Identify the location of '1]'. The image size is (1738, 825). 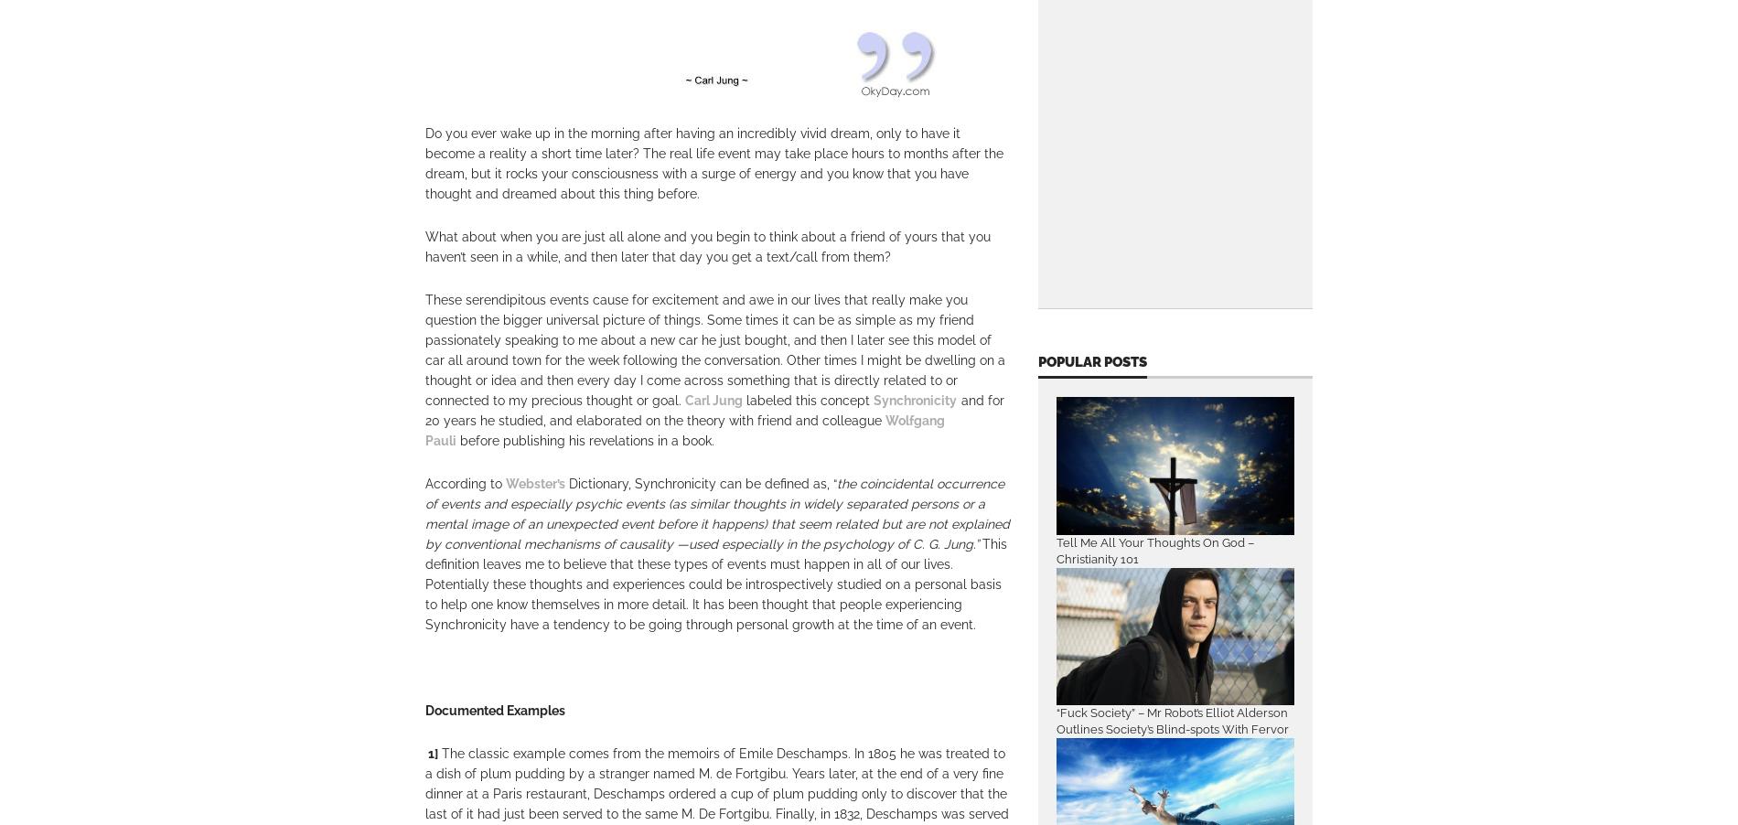
(430, 752).